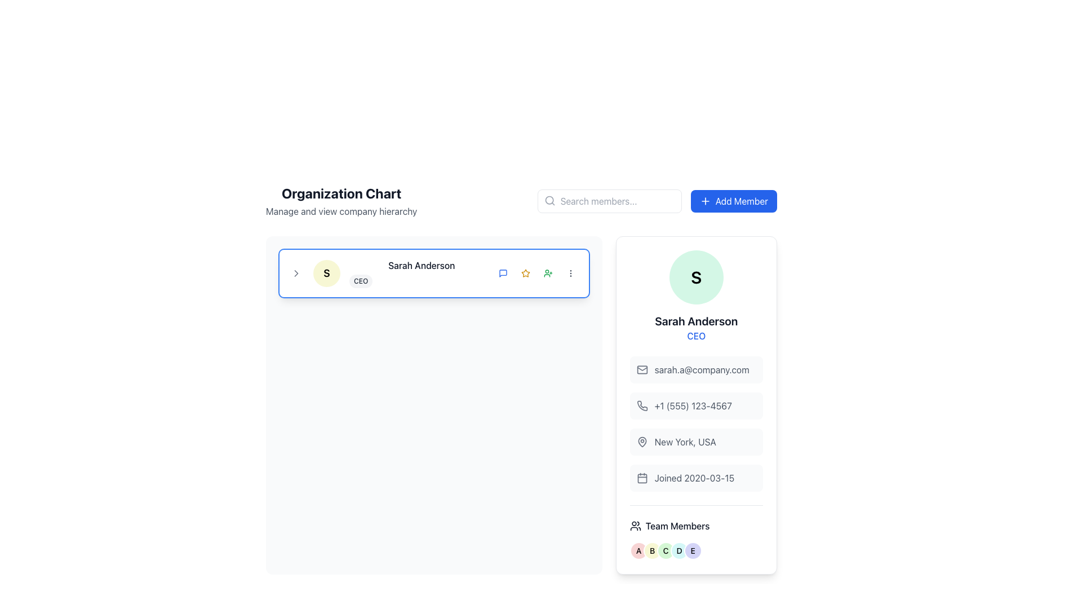  What do you see at coordinates (734, 201) in the screenshot?
I see `the 'Add Member' button with a blue background and '+' icon` at bounding box center [734, 201].